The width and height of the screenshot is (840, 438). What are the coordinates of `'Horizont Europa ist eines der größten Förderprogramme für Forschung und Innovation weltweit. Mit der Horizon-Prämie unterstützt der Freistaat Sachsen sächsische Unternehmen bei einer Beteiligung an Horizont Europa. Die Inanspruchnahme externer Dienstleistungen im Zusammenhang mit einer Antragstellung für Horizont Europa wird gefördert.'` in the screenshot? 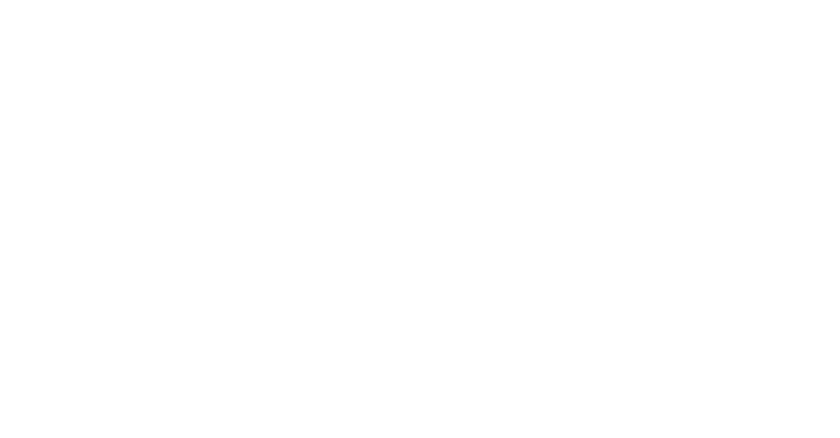 It's located at (411, 100).